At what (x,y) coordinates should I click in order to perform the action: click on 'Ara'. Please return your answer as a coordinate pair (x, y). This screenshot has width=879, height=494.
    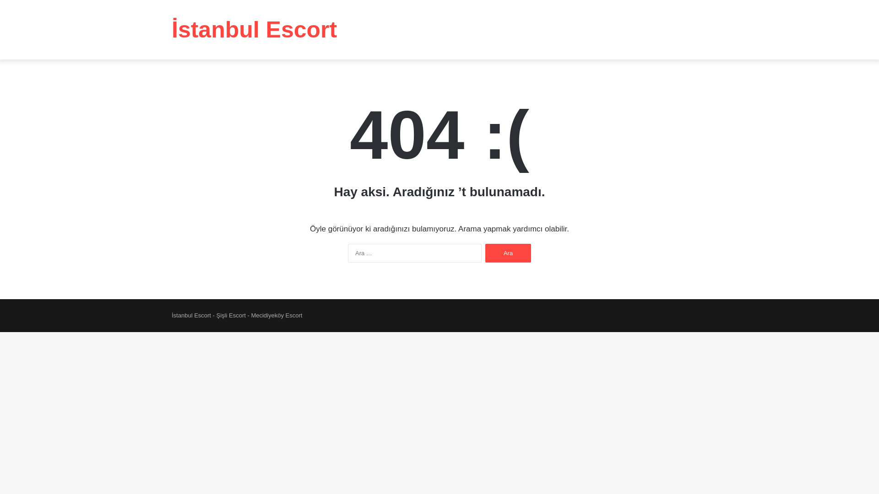
    Looking at the image, I should click on (507, 253).